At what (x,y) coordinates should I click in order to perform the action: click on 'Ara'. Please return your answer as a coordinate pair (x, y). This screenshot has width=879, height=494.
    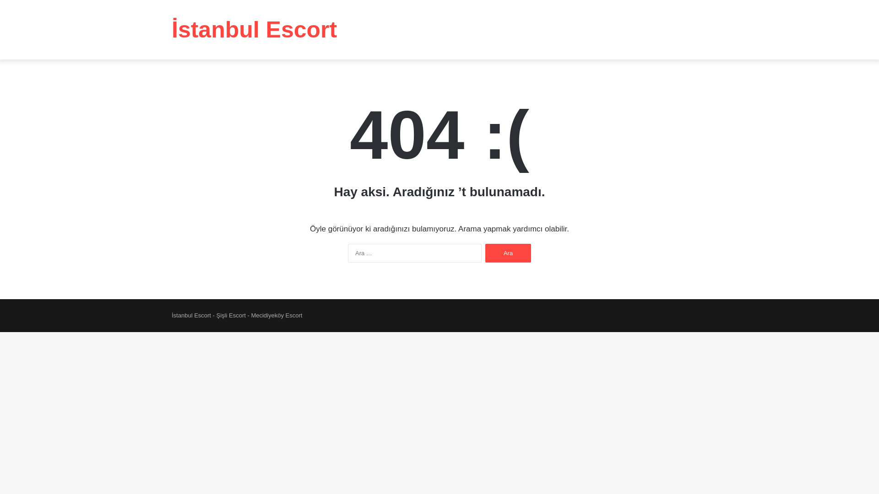
    Looking at the image, I should click on (507, 253).